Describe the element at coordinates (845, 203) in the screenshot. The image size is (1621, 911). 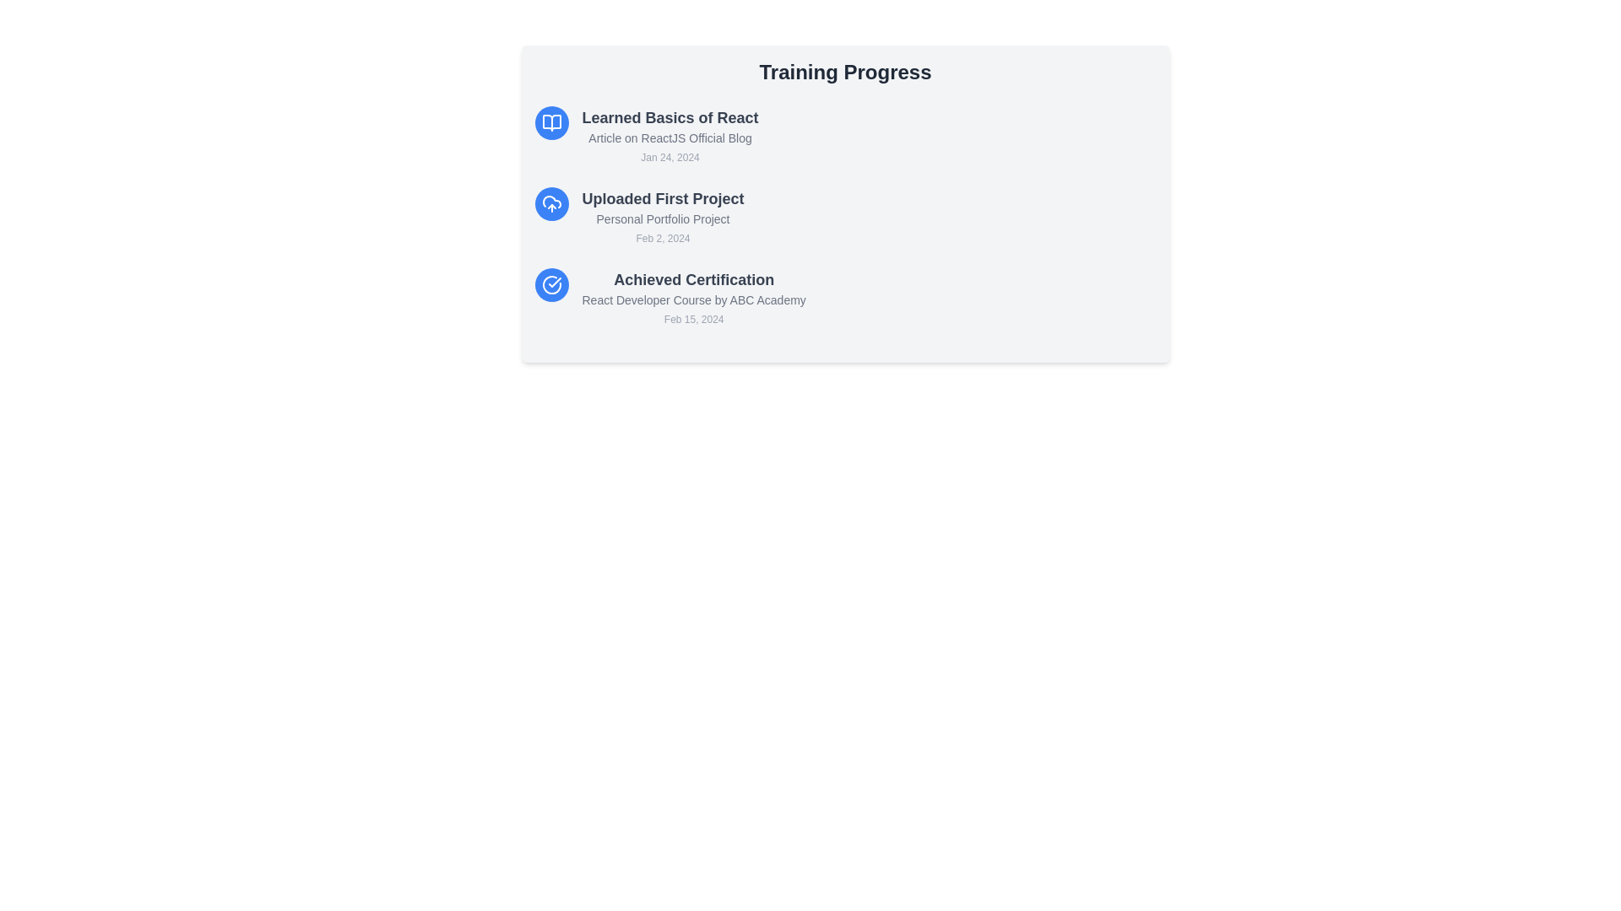
I see `the content of the 'Training Progress' section, which contains multiple milestone entries with titles, subtitles, and dates` at that location.